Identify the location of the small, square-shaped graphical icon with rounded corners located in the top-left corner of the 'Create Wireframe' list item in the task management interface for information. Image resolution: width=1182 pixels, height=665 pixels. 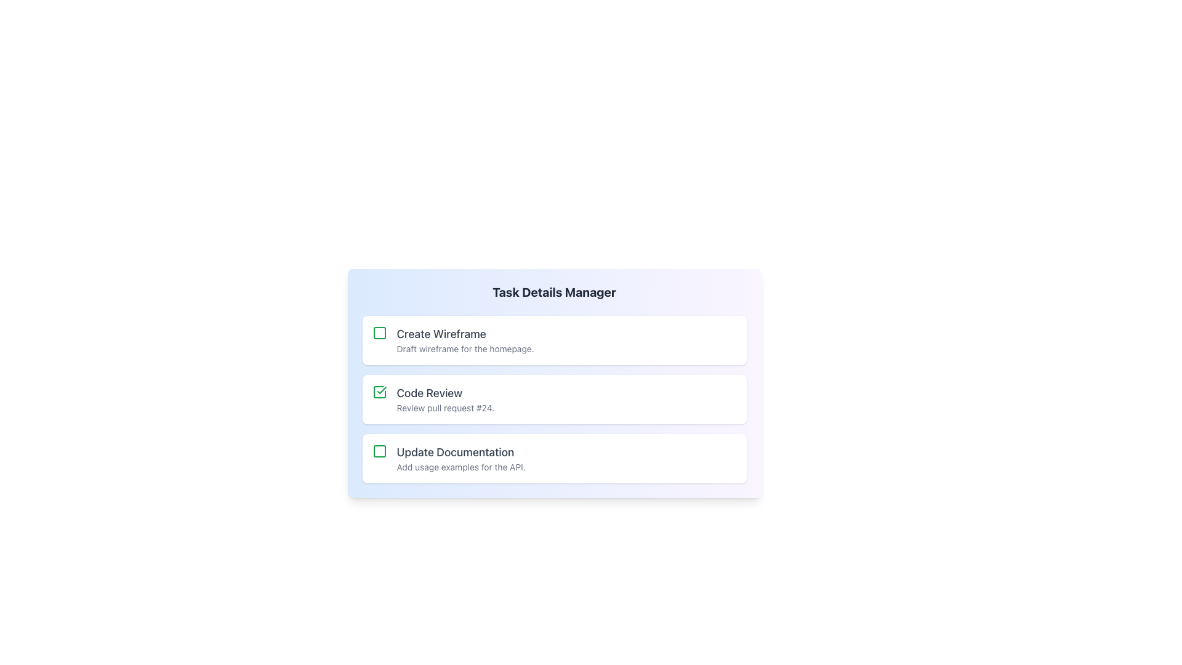
(379, 332).